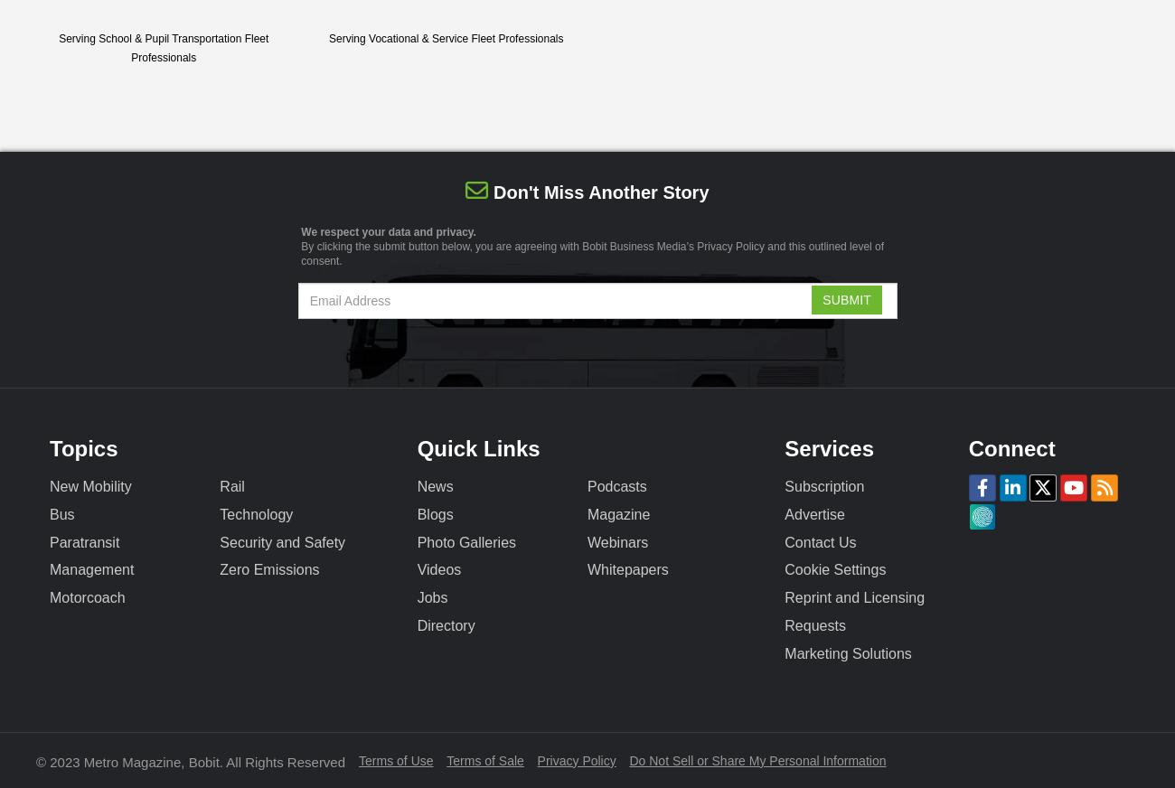  Describe the element at coordinates (446, 37) in the screenshot. I see `'Serving Vocational & Service Fleet Professionals'` at that location.